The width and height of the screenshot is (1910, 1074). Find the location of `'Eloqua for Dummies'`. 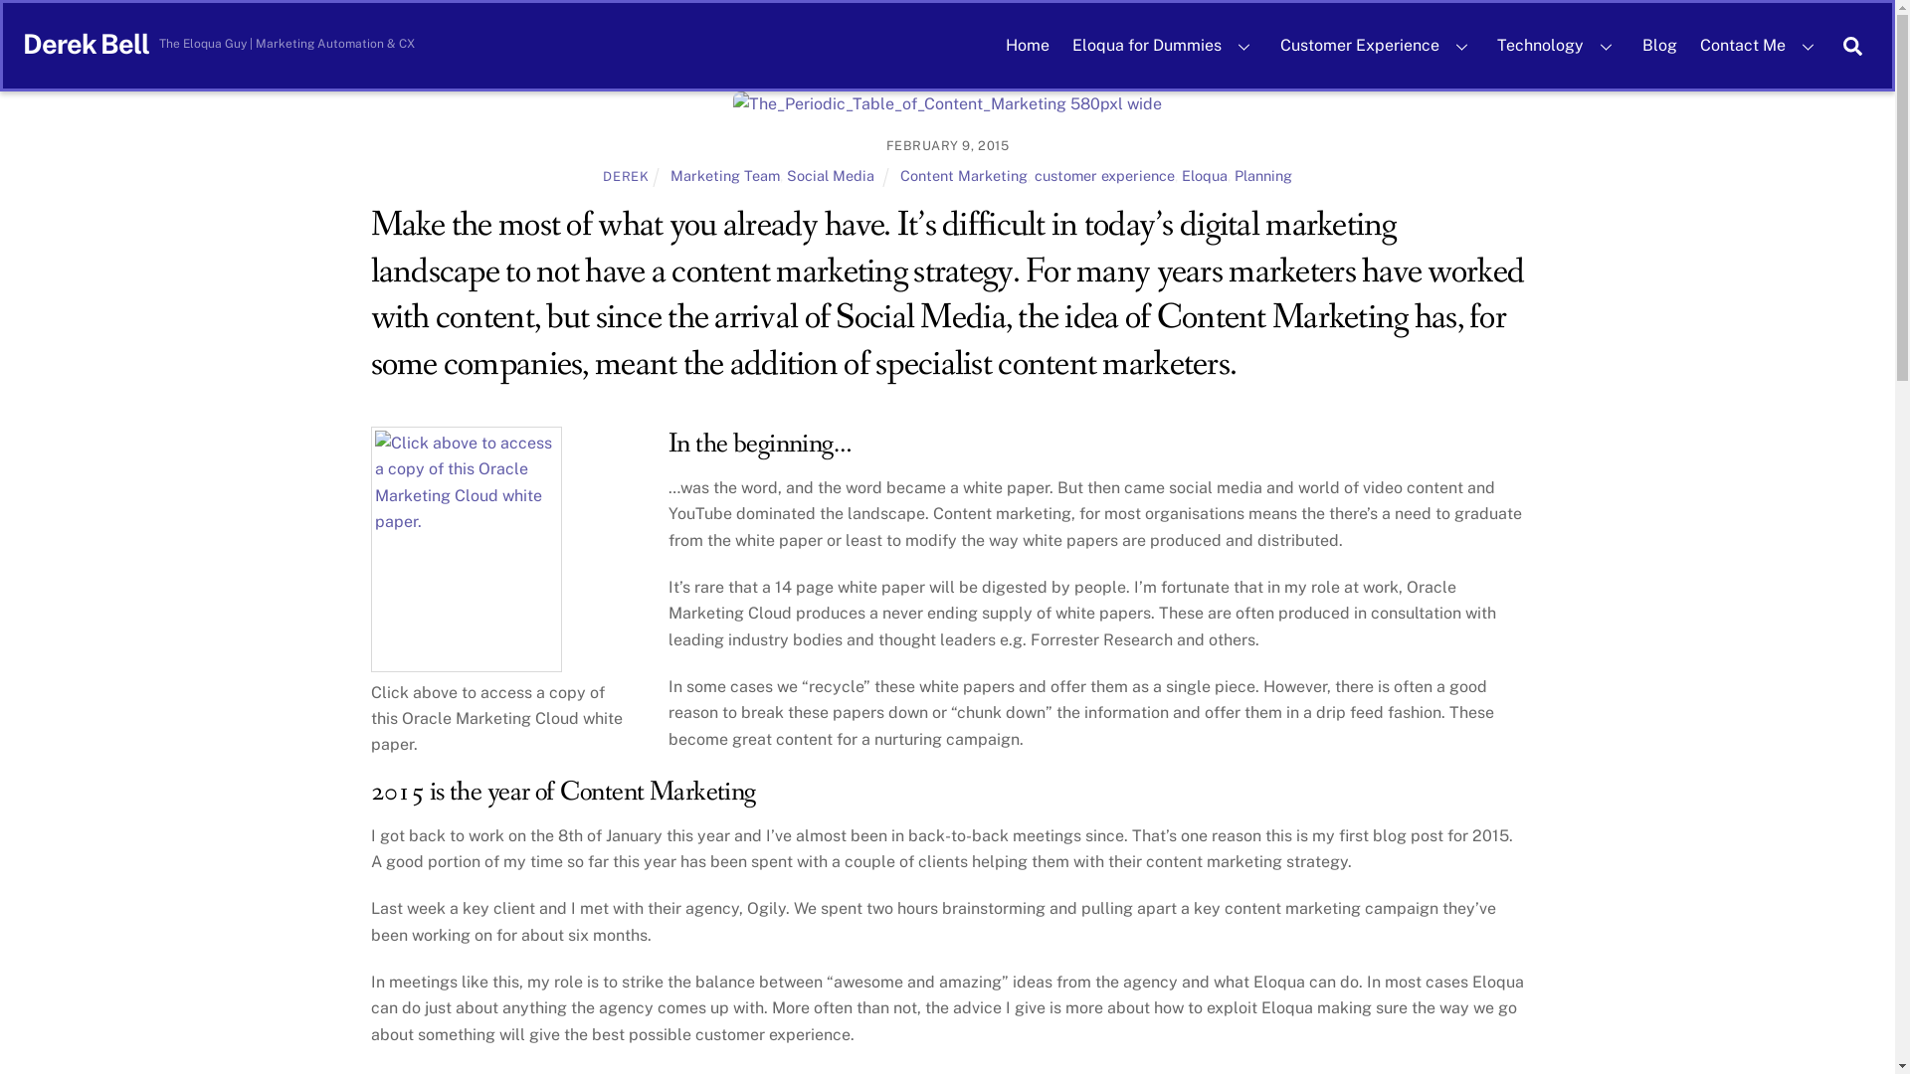

'Eloqua for Dummies' is located at coordinates (1164, 45).